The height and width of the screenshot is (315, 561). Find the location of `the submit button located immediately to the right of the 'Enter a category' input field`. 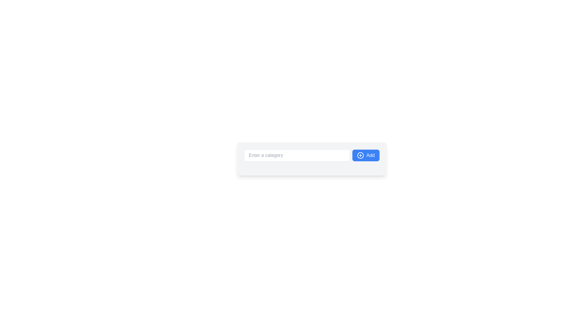

the submit button located immediately to the right of the 'Enter a category' input field is located at coordinates (366, 155).